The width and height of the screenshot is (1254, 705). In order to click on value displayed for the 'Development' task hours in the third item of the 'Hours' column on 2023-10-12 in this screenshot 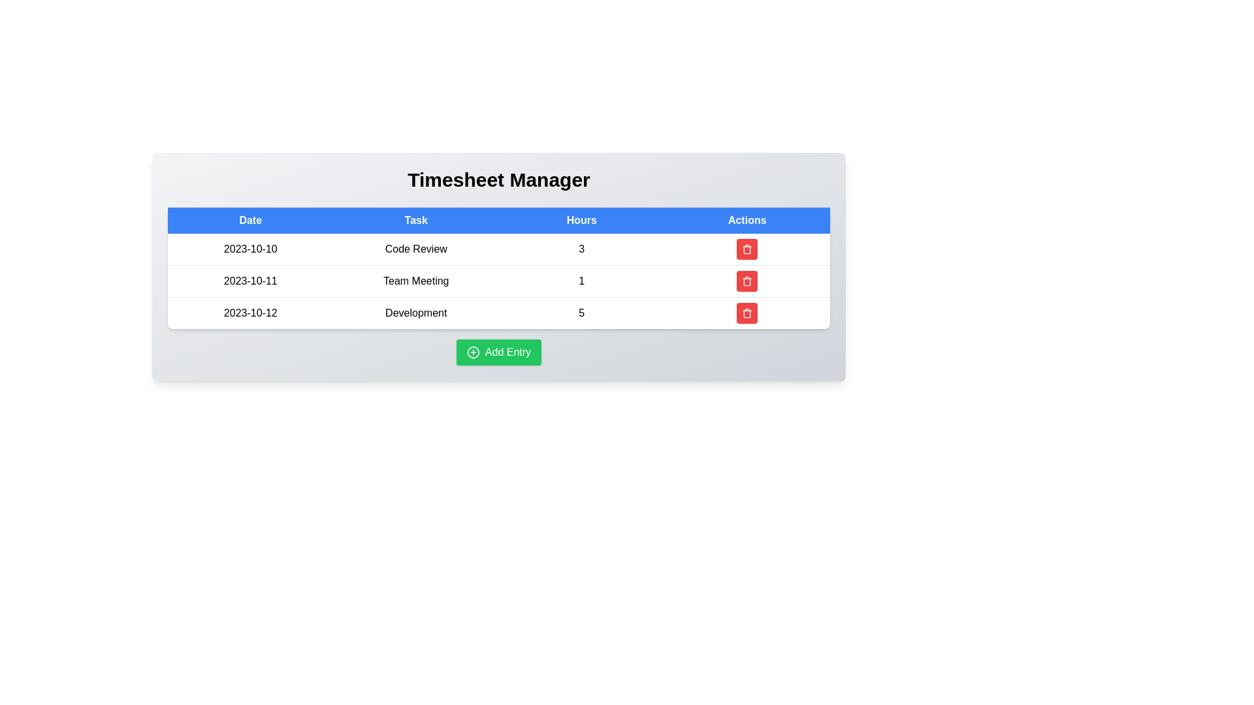, I will do `click(581, 313)`.